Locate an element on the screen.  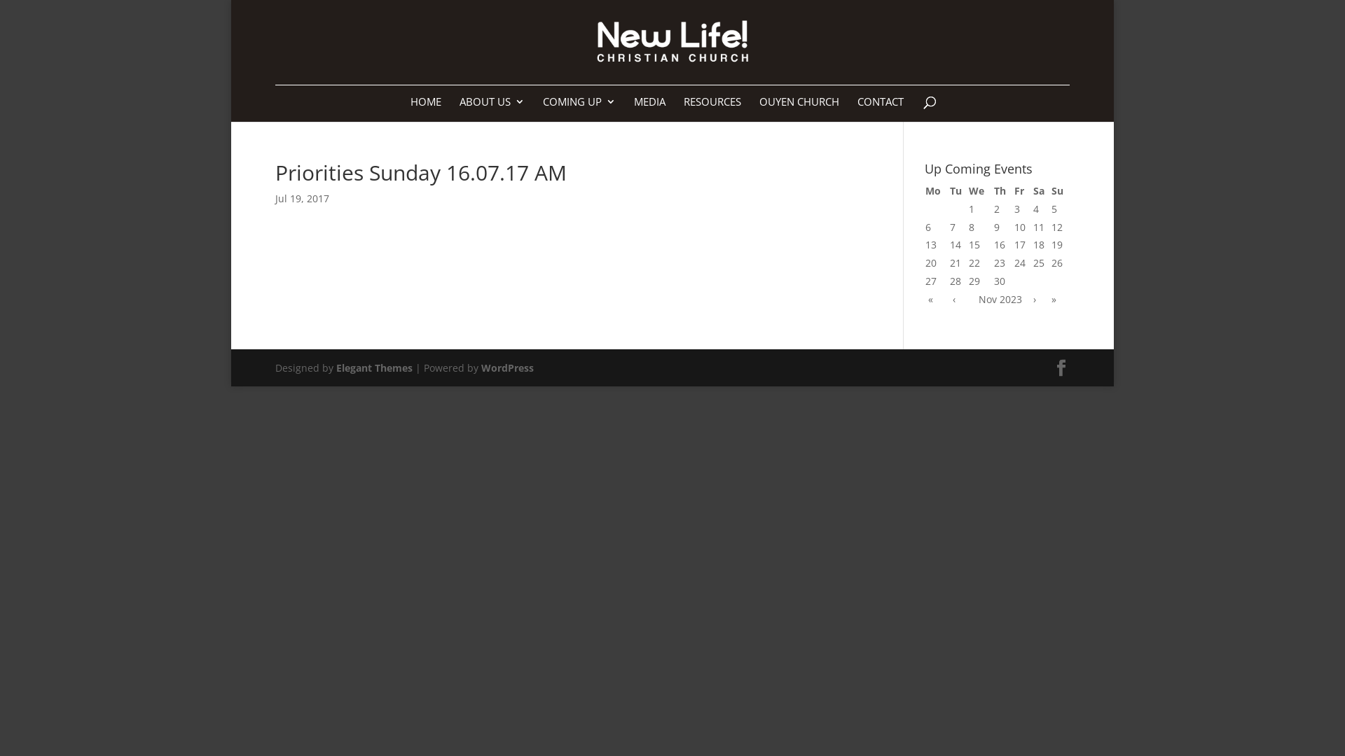
'COMING UP' is located at coordinates (579, 108).